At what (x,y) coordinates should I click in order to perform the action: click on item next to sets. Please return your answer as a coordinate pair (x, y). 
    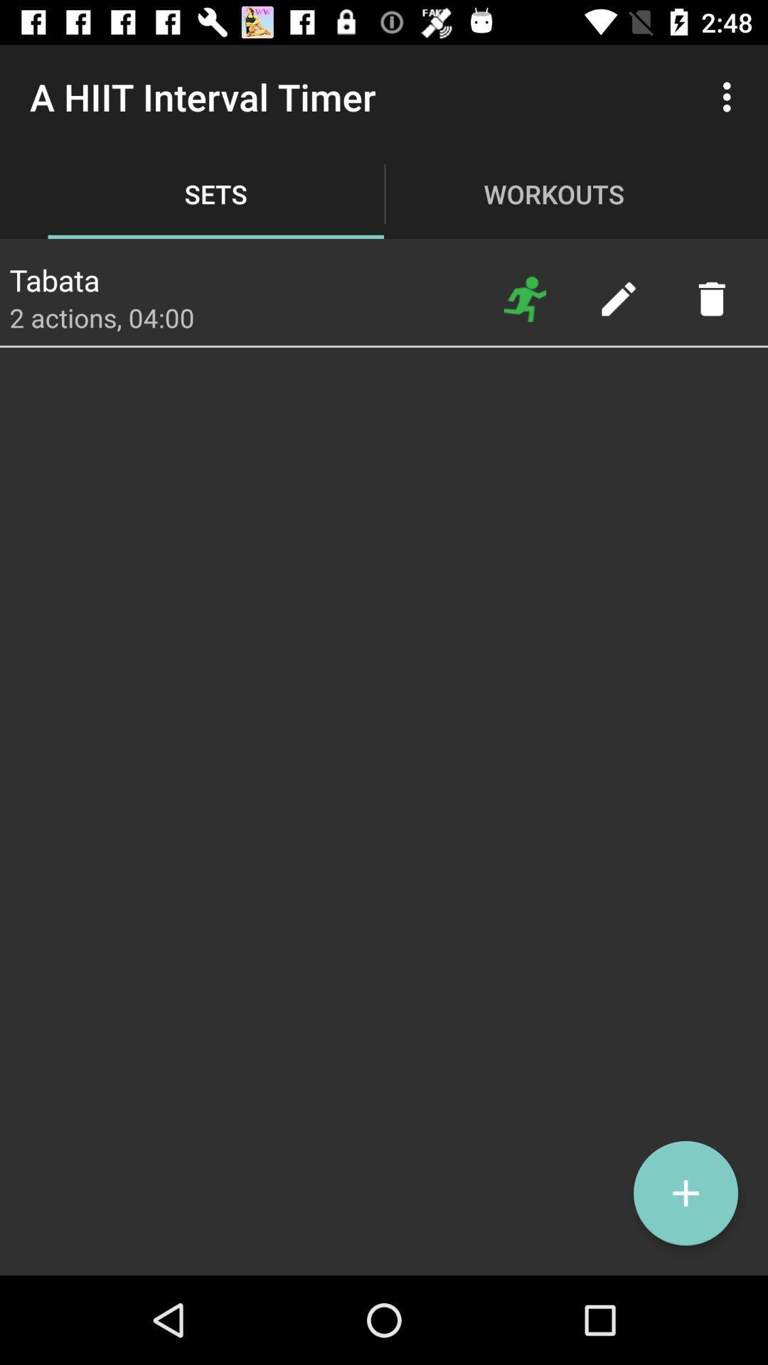
    Looking at the image, I should click on (53, 276).